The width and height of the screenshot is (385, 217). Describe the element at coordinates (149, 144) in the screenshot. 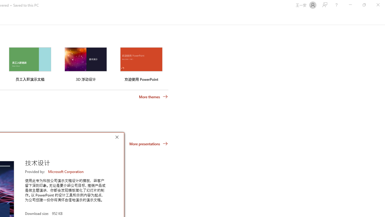

I see `'More presentations'` at that location.